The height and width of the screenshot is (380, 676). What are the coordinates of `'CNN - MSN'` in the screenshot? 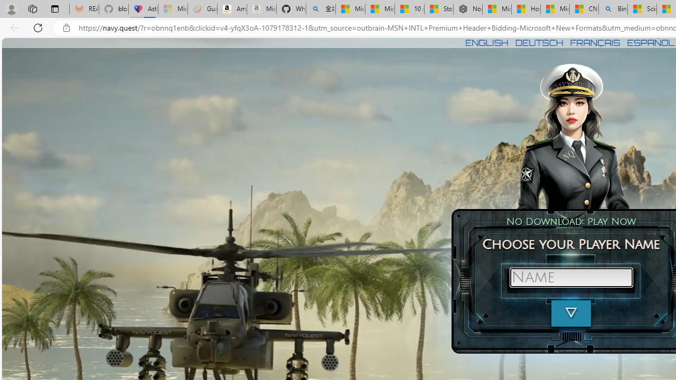 It's located at (583, 9).